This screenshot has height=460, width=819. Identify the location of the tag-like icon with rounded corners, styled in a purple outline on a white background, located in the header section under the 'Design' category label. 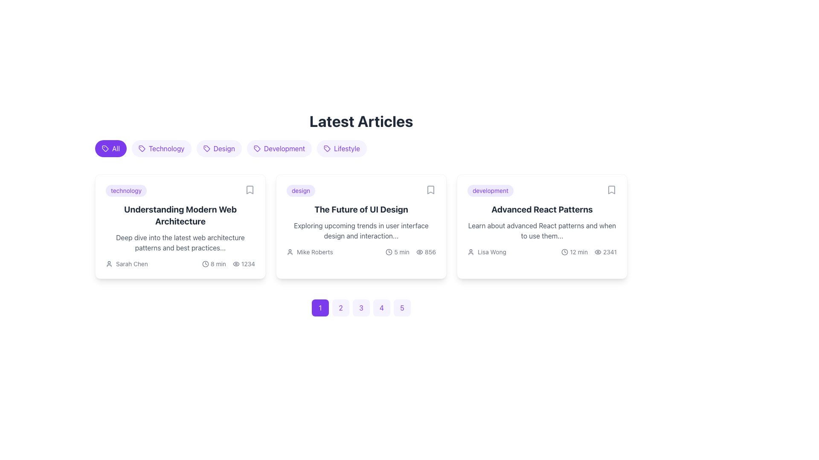
(206, 148).